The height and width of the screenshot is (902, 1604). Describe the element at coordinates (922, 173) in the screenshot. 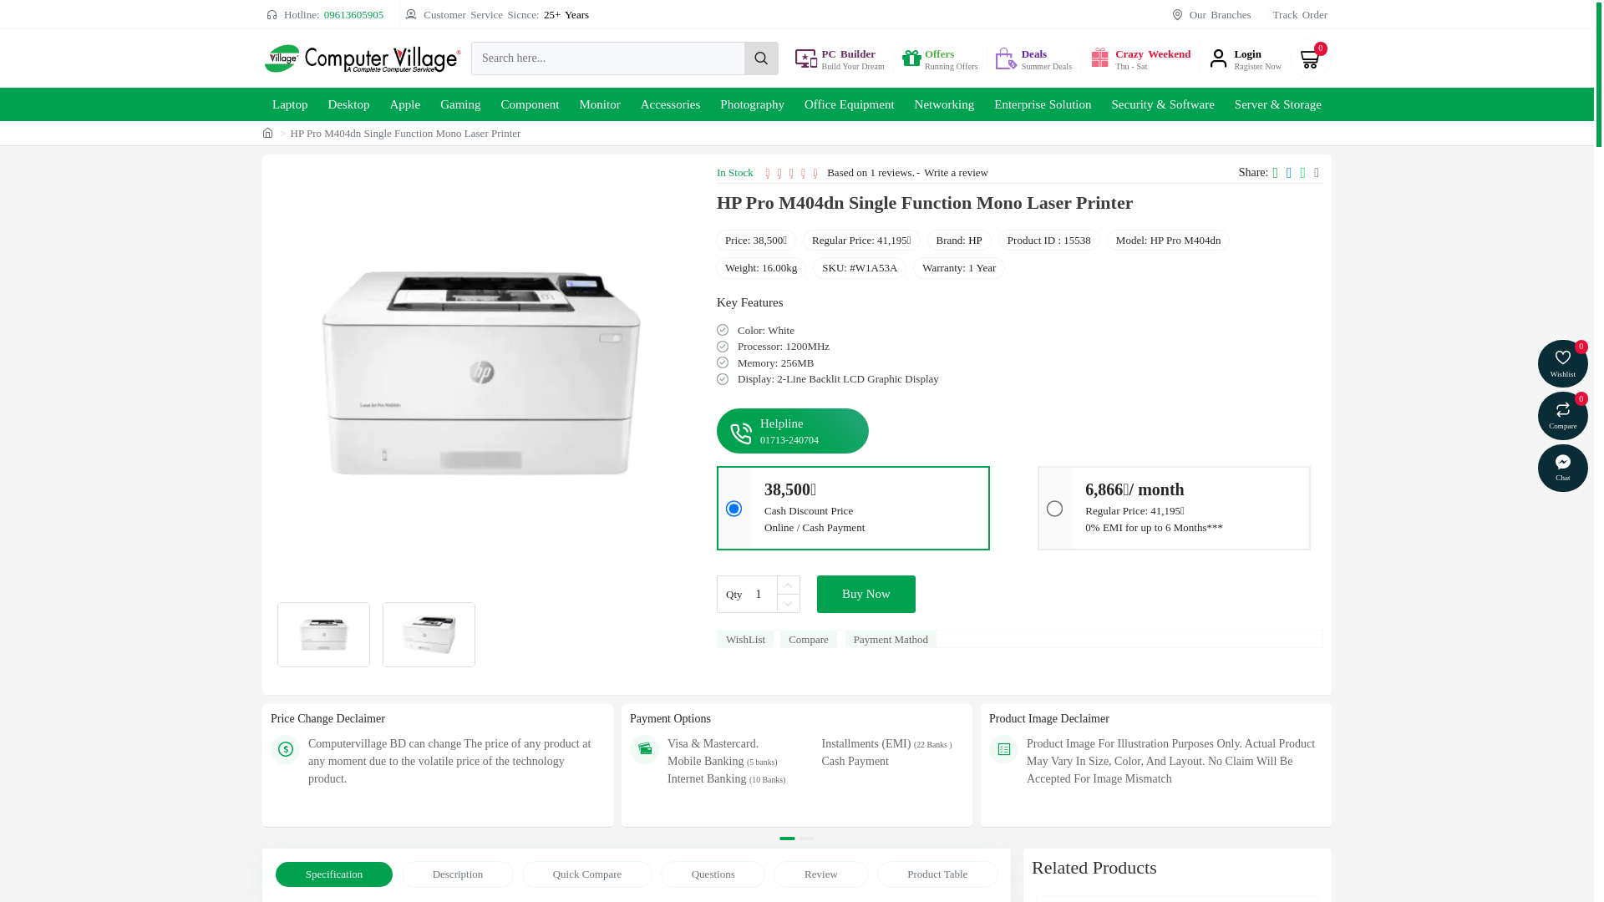

I see `'Write a review'` at that location.